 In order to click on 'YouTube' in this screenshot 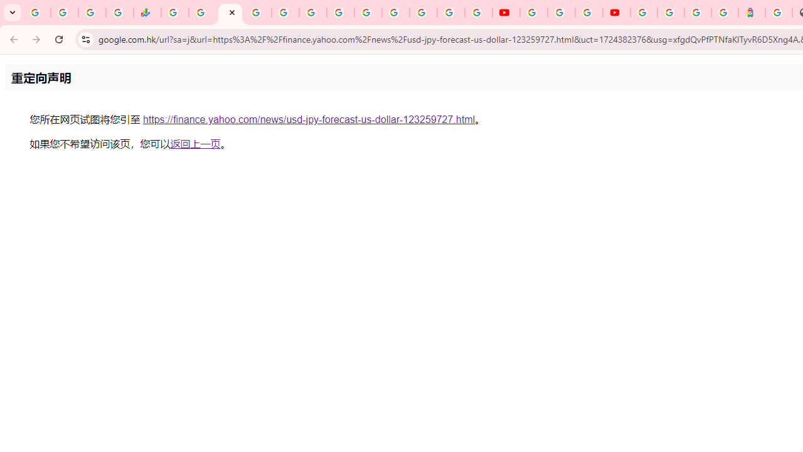, I will do `click(534, 13)`.